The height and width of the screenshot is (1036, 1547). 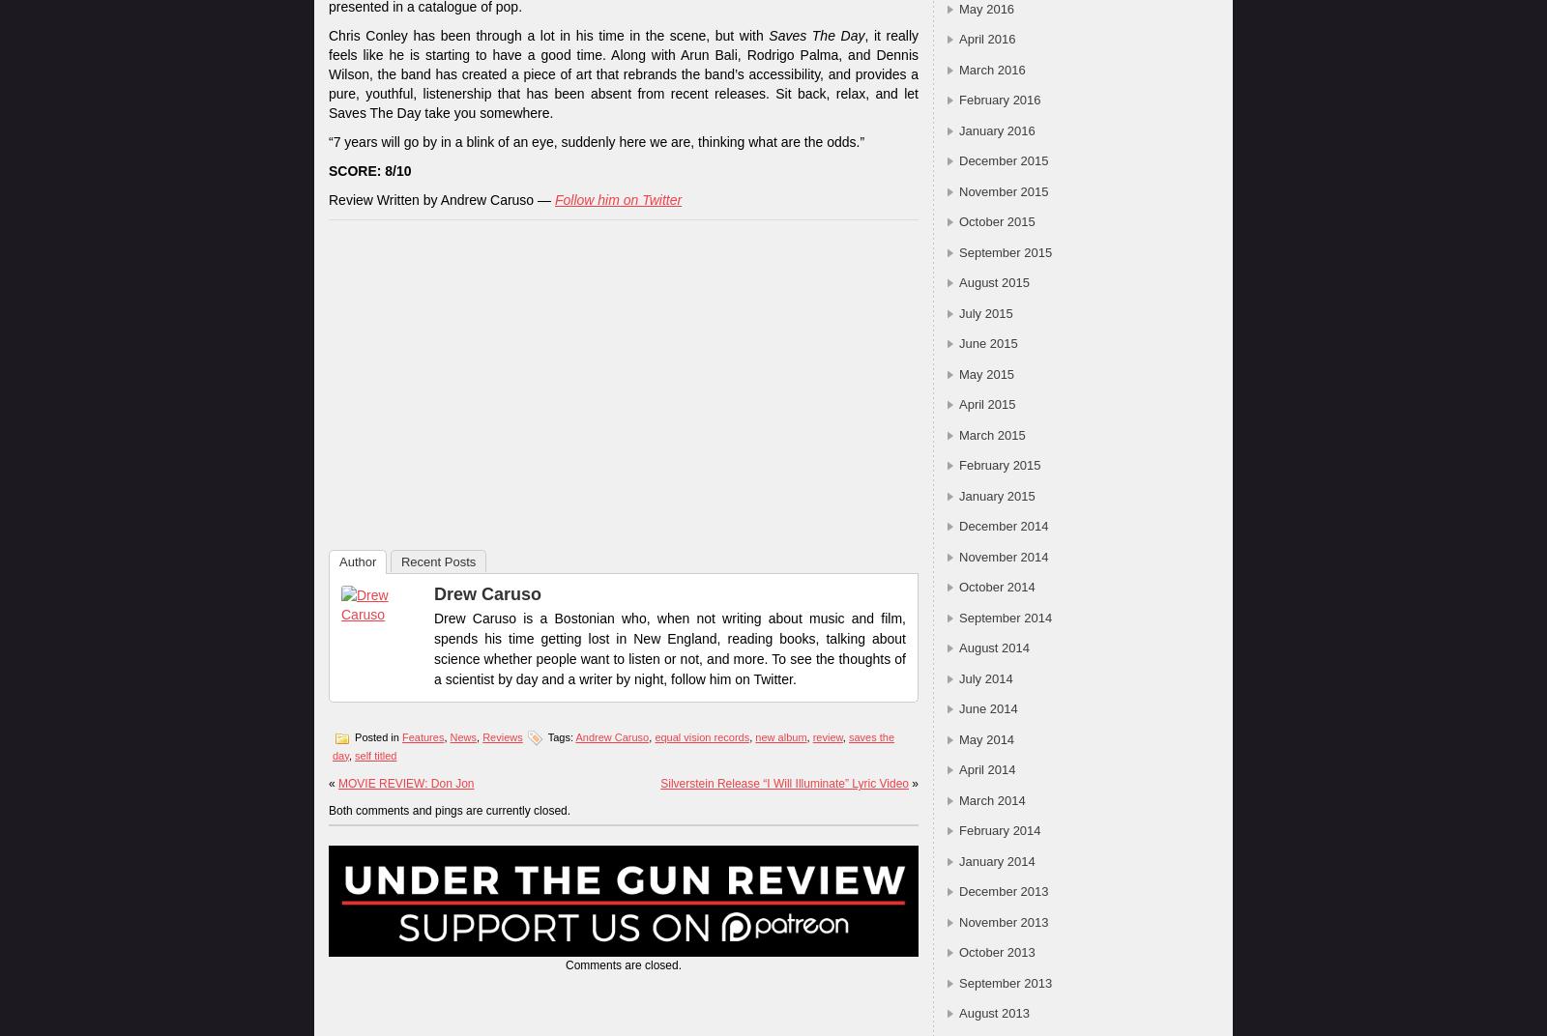 What do you see at coordinates (1003, 555) in the screenshot?
I see `'November 2014'` at bounding box center [1003, 555].